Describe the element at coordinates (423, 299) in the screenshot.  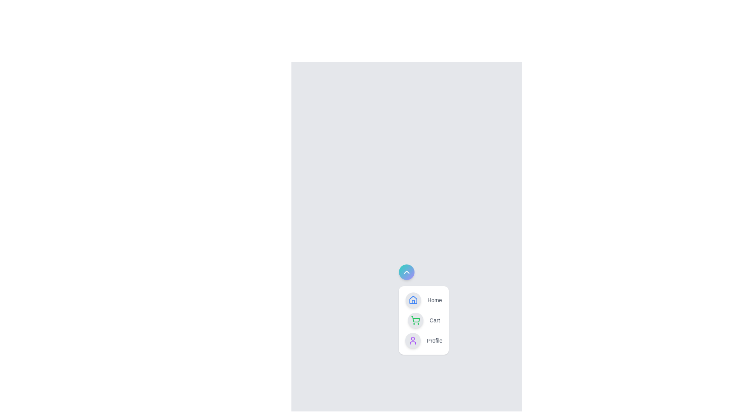
I see `the menu item Home by clicking on it` at that location.